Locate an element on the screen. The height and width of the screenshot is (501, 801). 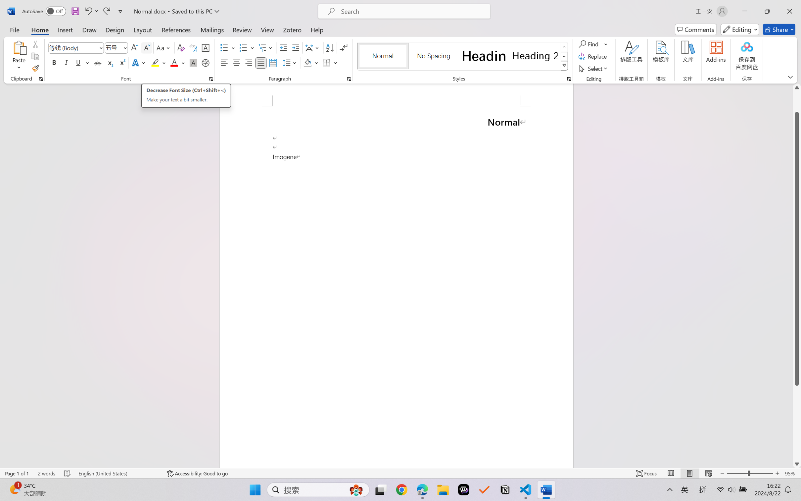
'Center' is located at coordinates (236, 62).